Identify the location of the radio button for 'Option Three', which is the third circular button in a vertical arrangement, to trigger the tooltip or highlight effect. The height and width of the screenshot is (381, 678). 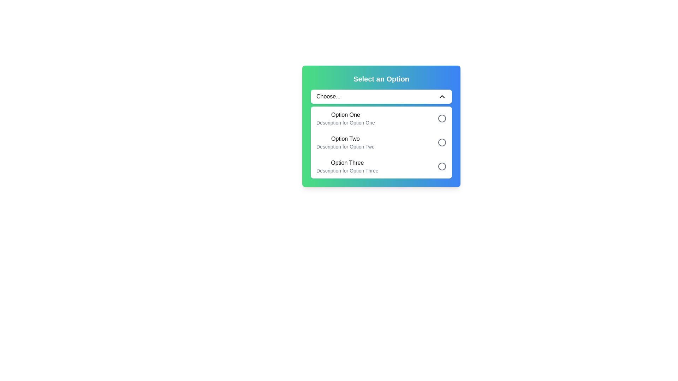
(442, 166).